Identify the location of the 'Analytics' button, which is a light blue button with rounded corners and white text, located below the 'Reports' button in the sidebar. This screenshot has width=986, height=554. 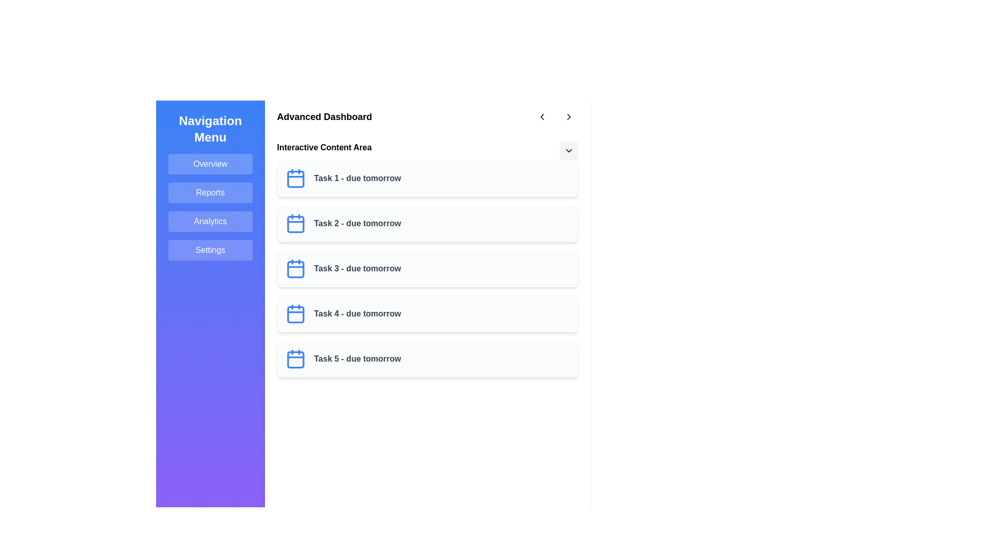
(210, 221).